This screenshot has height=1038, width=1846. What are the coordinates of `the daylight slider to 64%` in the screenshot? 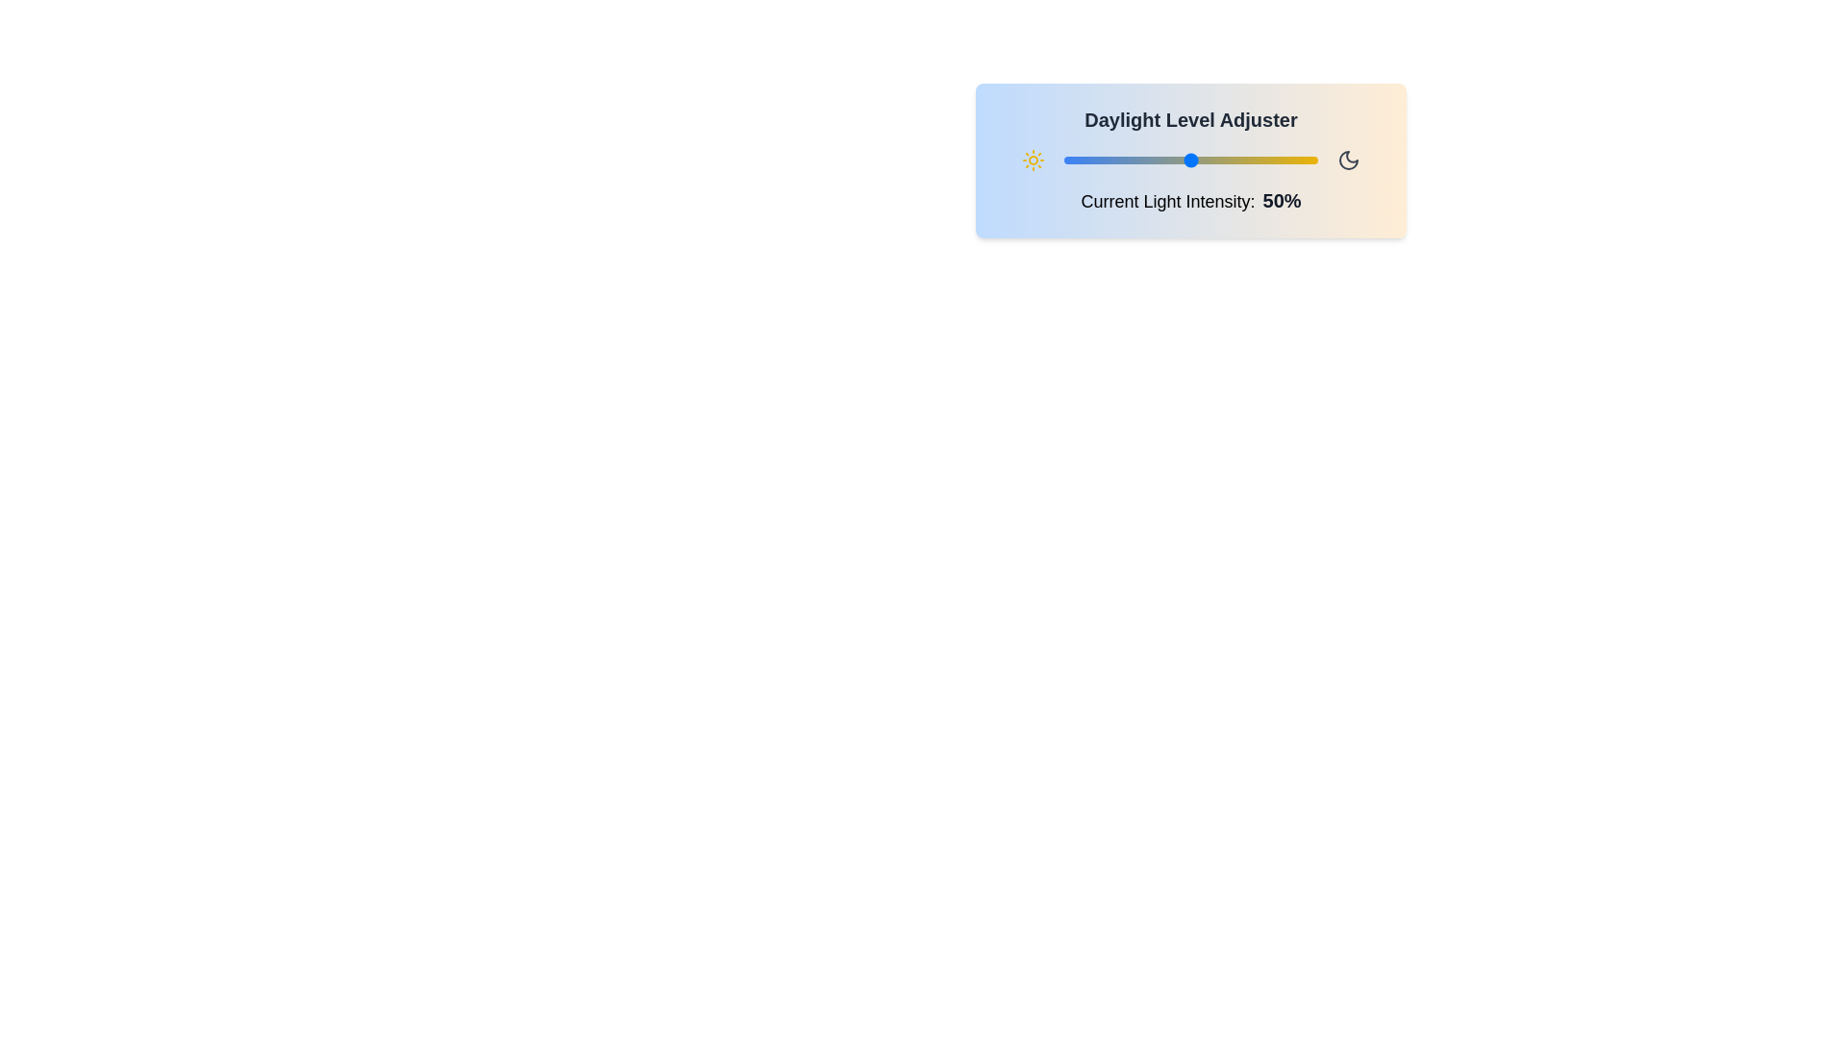 It's located at (1226, 159).